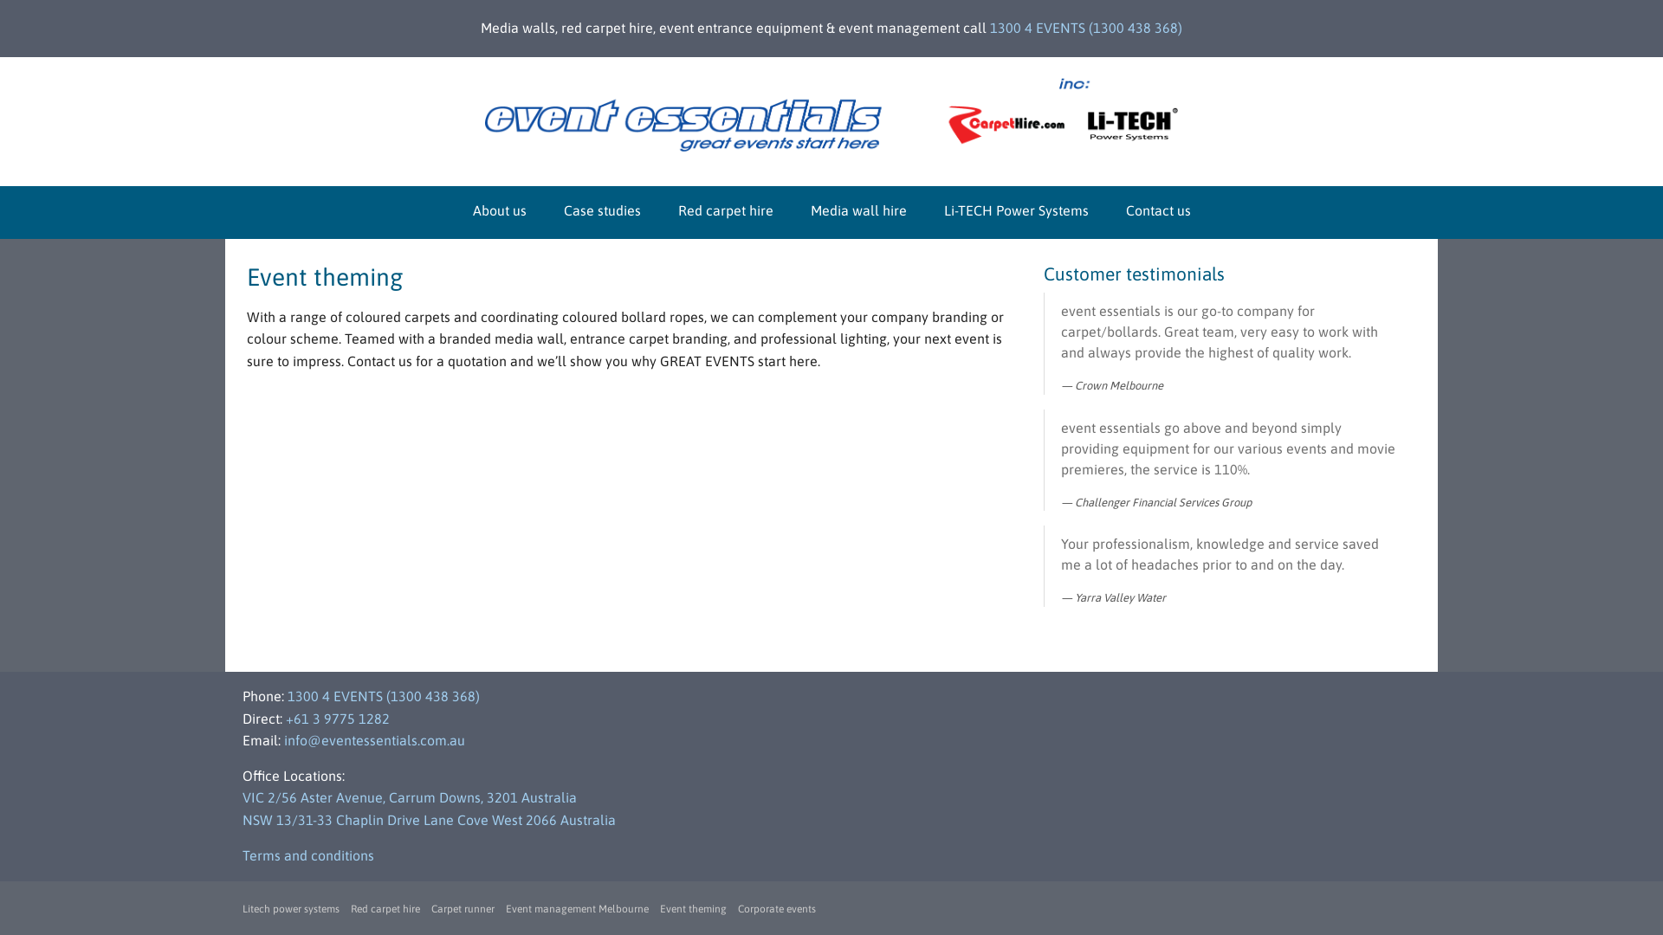 The height and width of the screenshot is (935, 1663). Describe the element at coordinates (307, 854) in the screenshot. I see `'Terms and conditions'` at that location.